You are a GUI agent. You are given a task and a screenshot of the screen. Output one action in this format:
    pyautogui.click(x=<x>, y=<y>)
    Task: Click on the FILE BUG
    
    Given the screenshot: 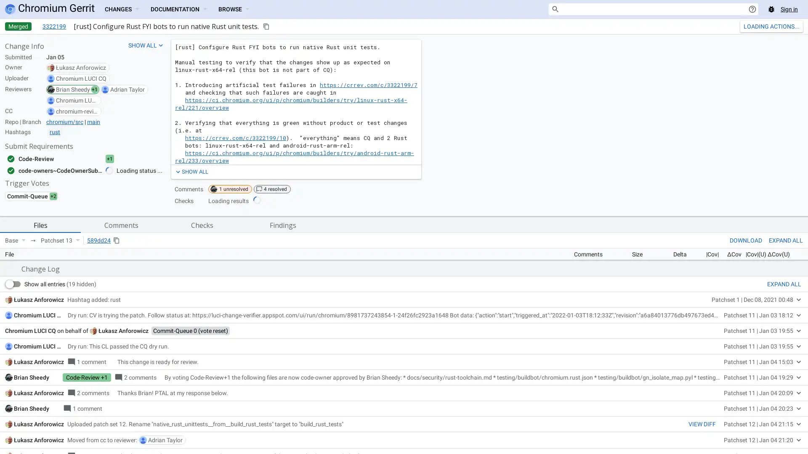 What is the action you would take?
    pyautogui.click(x=788, y=366)
    